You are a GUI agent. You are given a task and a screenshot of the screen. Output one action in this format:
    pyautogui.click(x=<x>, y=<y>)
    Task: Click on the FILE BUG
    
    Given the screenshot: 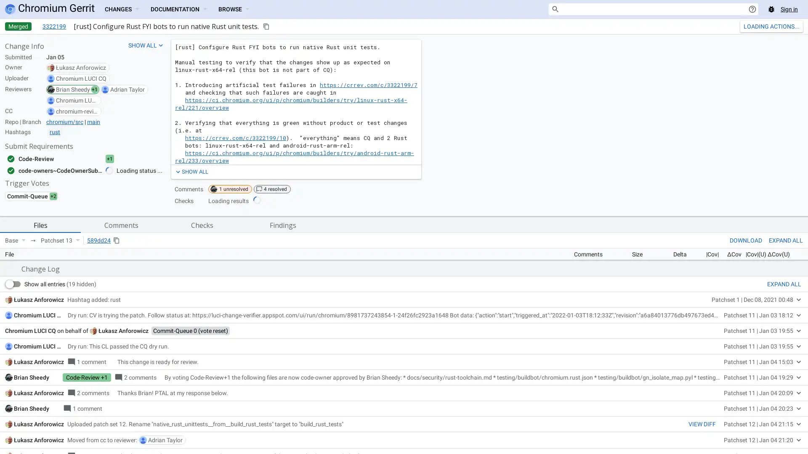 What is the action you would take?
    pyautogui.click(x=788, y=366)
    